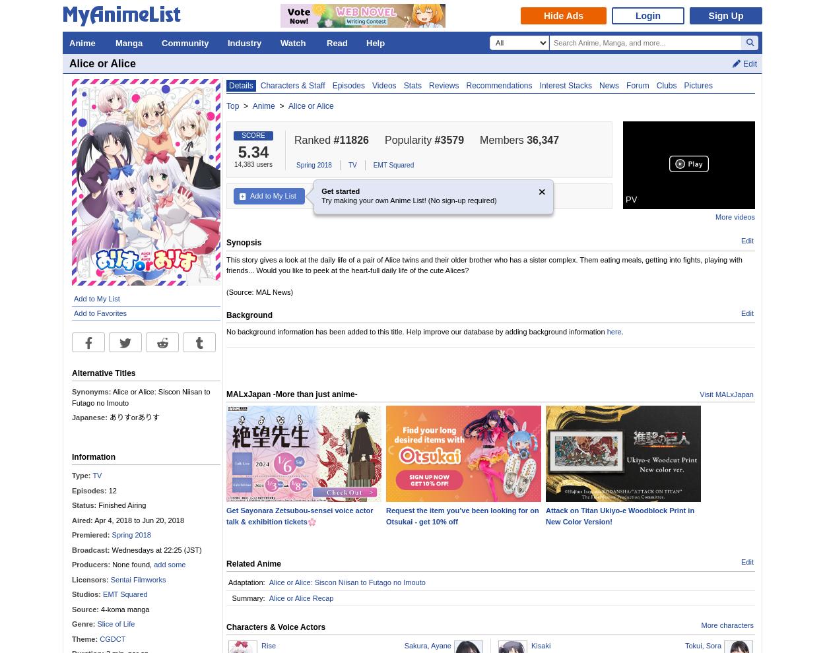  What do you see at coordinates (275, 627) in the screenshot?
I see `'Characters & Voice Actors'` at bounding box center [275, 627].